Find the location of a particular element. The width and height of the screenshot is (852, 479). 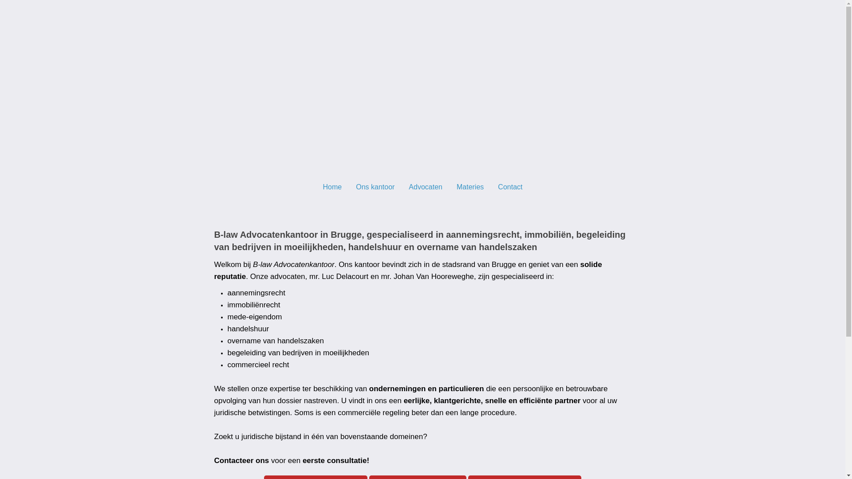

'Ons kantoor' is located at coordinates (348, 185).